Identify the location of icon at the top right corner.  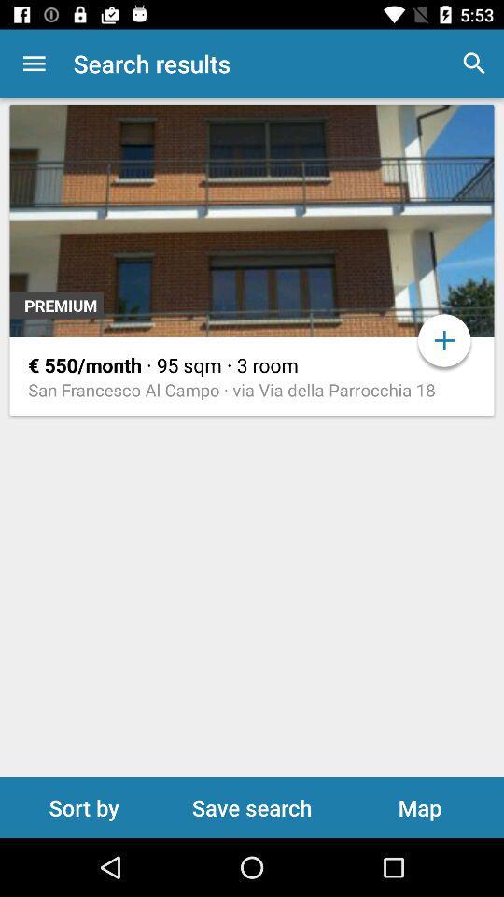
(474, 64).